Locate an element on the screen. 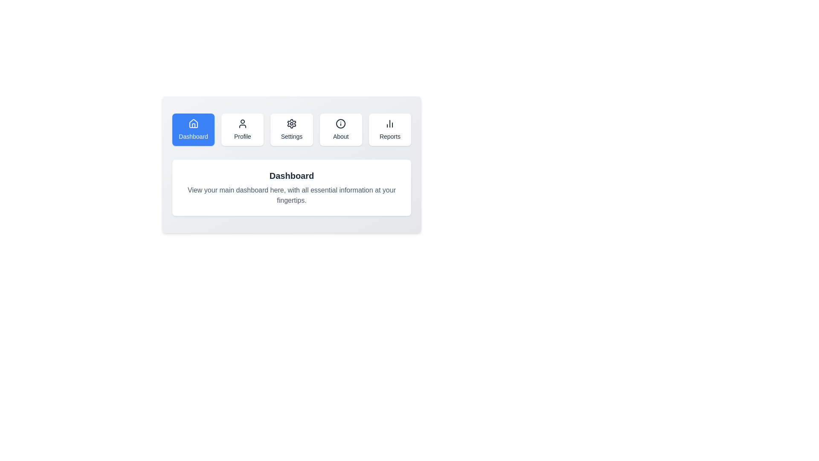 The image size is (819, 461). the icon of the Settings tab to examine its visual details is located at coordinates (291, 123).